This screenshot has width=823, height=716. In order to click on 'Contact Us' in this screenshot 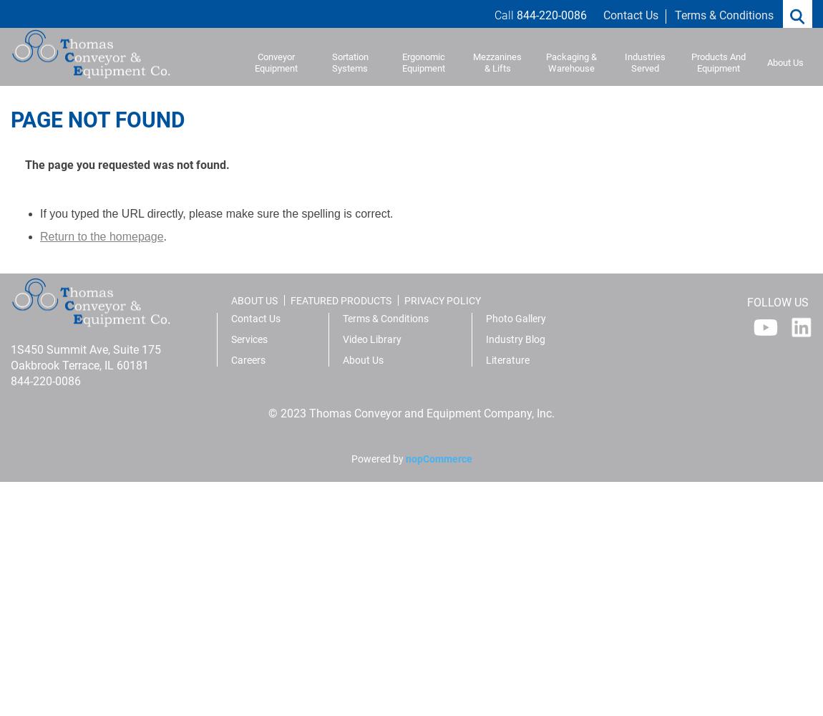, I will do `click(255, 318)`.